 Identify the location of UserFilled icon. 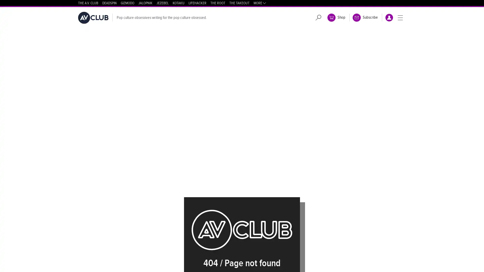
(389, 17).